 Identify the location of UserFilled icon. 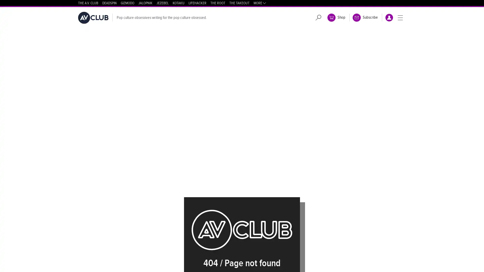
(389, 17).